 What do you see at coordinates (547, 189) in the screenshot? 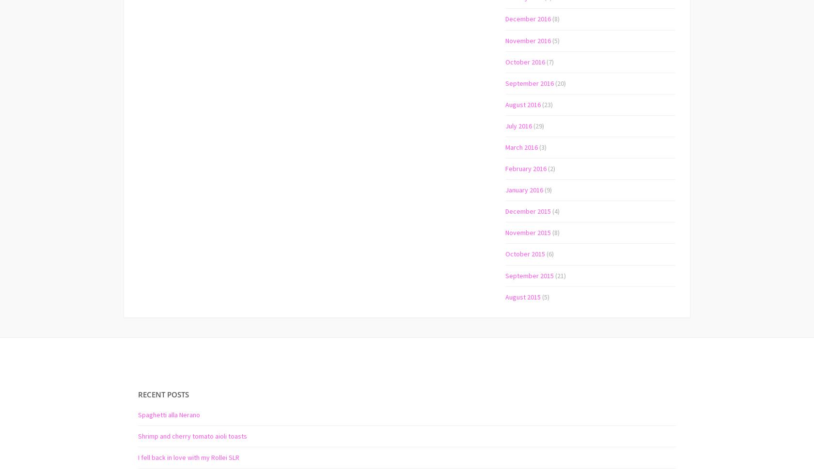
I see `'(9)'` at bounding box center [547, 189].